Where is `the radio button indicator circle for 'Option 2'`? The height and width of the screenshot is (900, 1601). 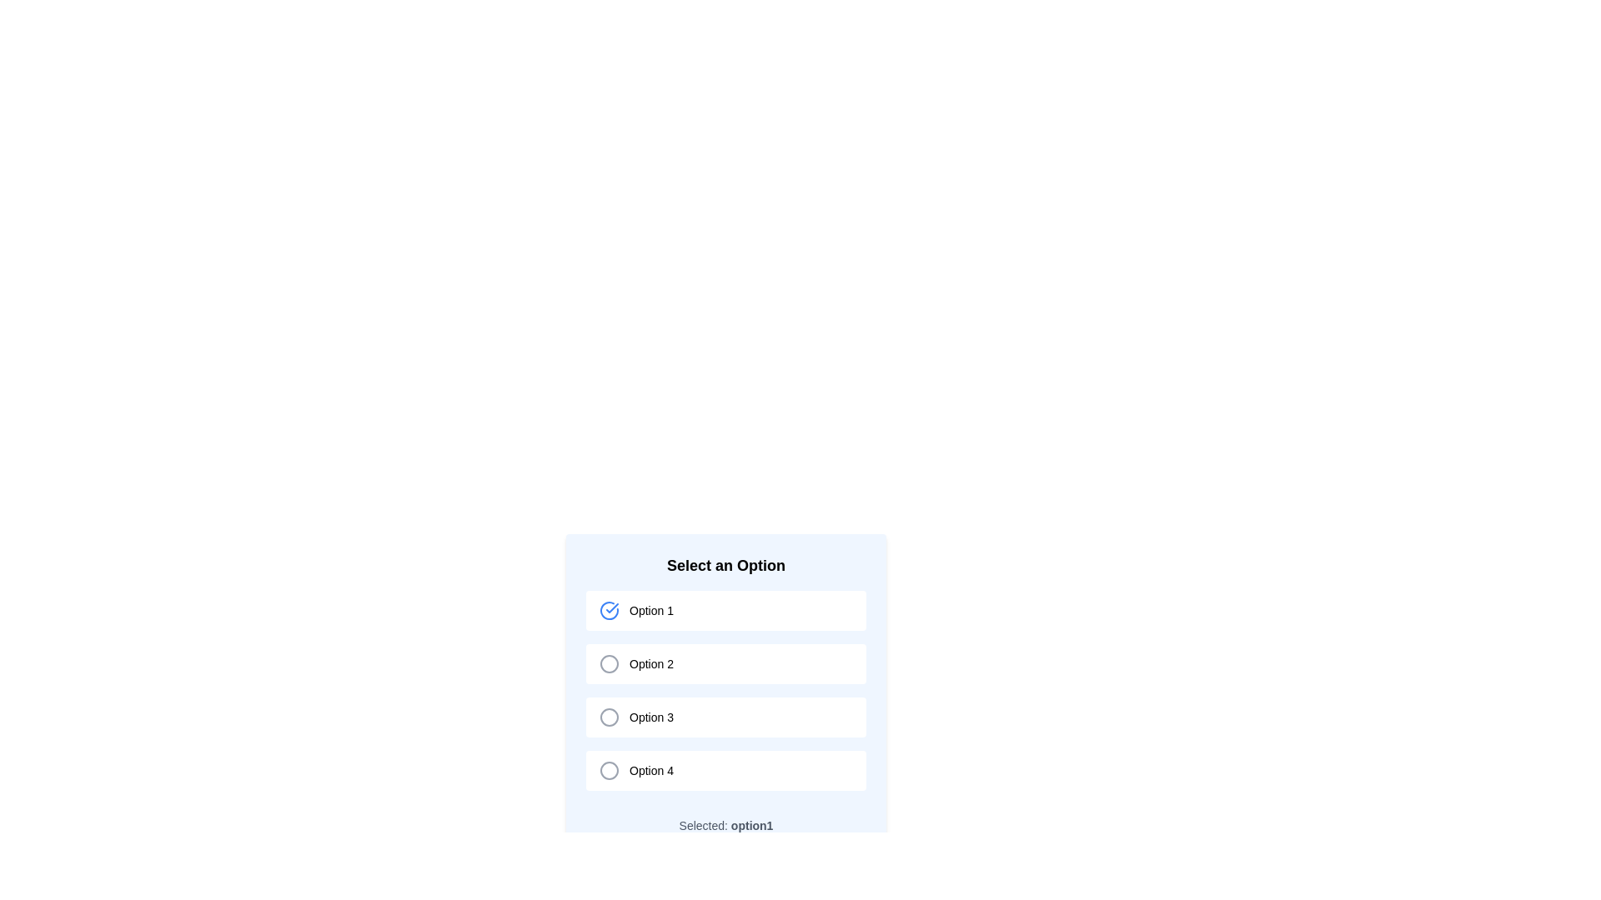
the radio button indicator circle for 'Option 2' is located at coordinates (608, 663).